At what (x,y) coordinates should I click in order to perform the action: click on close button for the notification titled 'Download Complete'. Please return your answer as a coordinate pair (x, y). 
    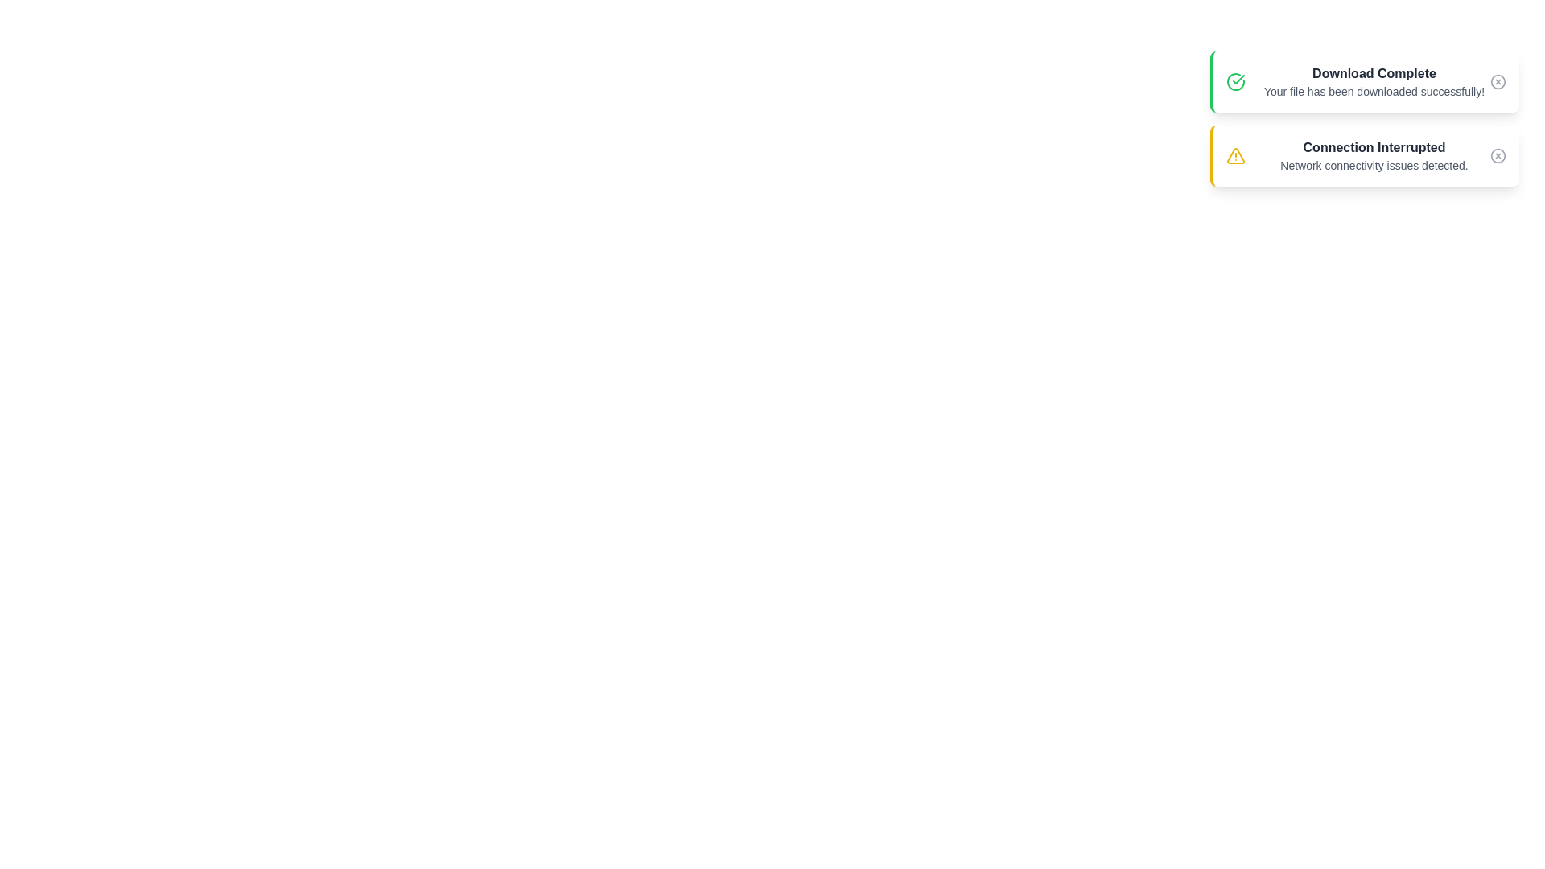
    Looking at the image, I should click on (1498, 81).